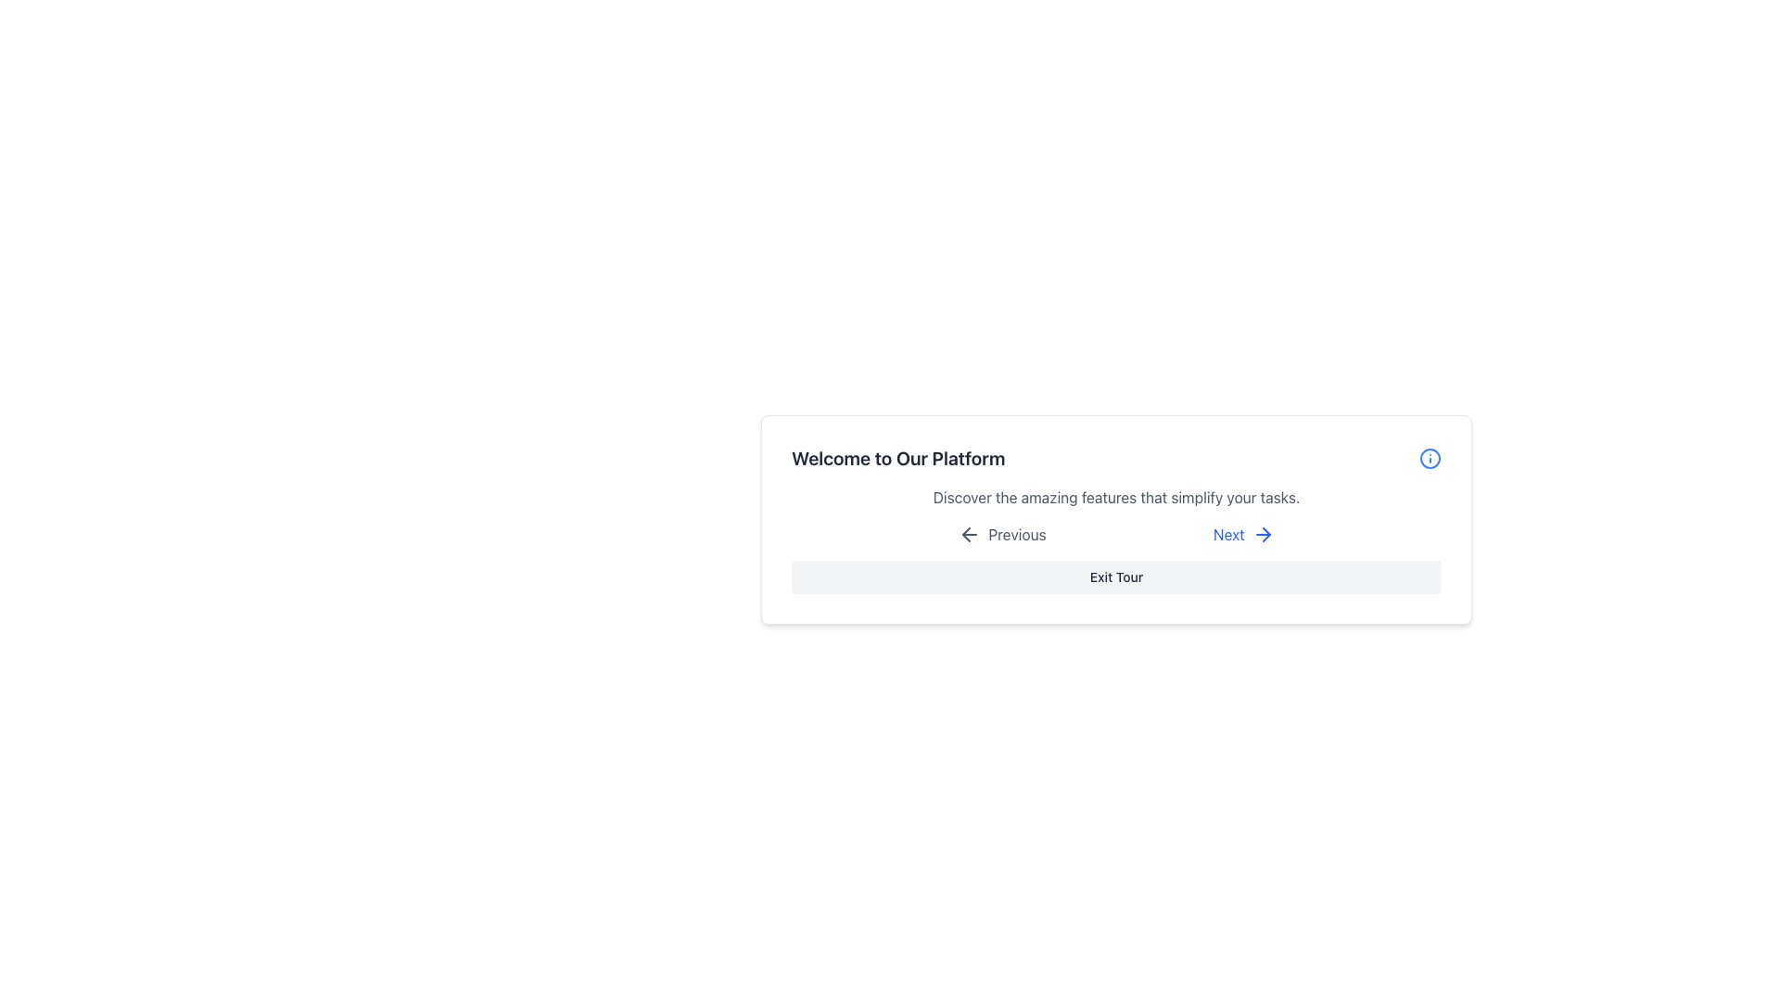 The height and width of the screenshot is (1001, 1780). What do you see at coordinates (965, 535) in the screenshot?
I see `the navigational icon located to the left of the 'Previous' label in the lower section of the interface` at bounding box center [965, 535].